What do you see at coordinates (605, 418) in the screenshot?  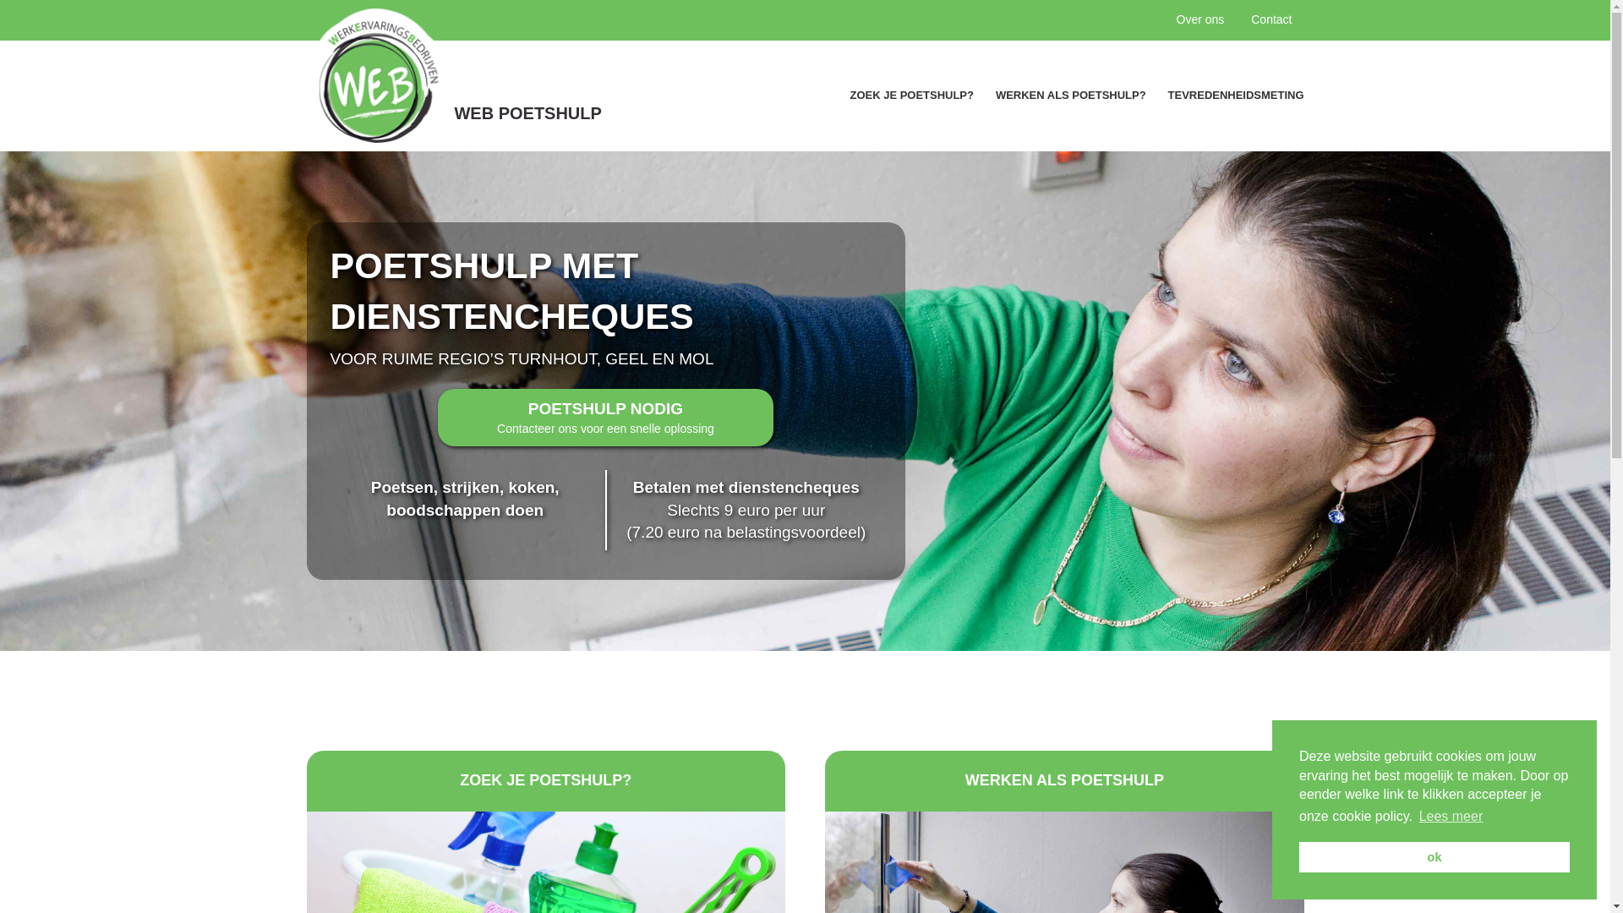 I see `'POETSHULP NODIG` at bounding box center [605, 418].